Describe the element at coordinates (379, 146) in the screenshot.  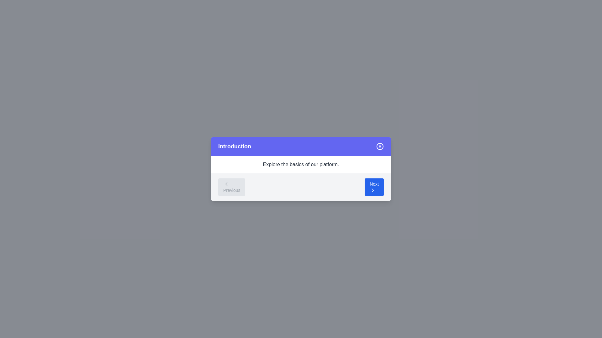
I see `the circular button with a cross ('X') symbol inside it, which is styled with a blue background and white accents, located at the top-right corner of the 'Introduction' header` at that location.